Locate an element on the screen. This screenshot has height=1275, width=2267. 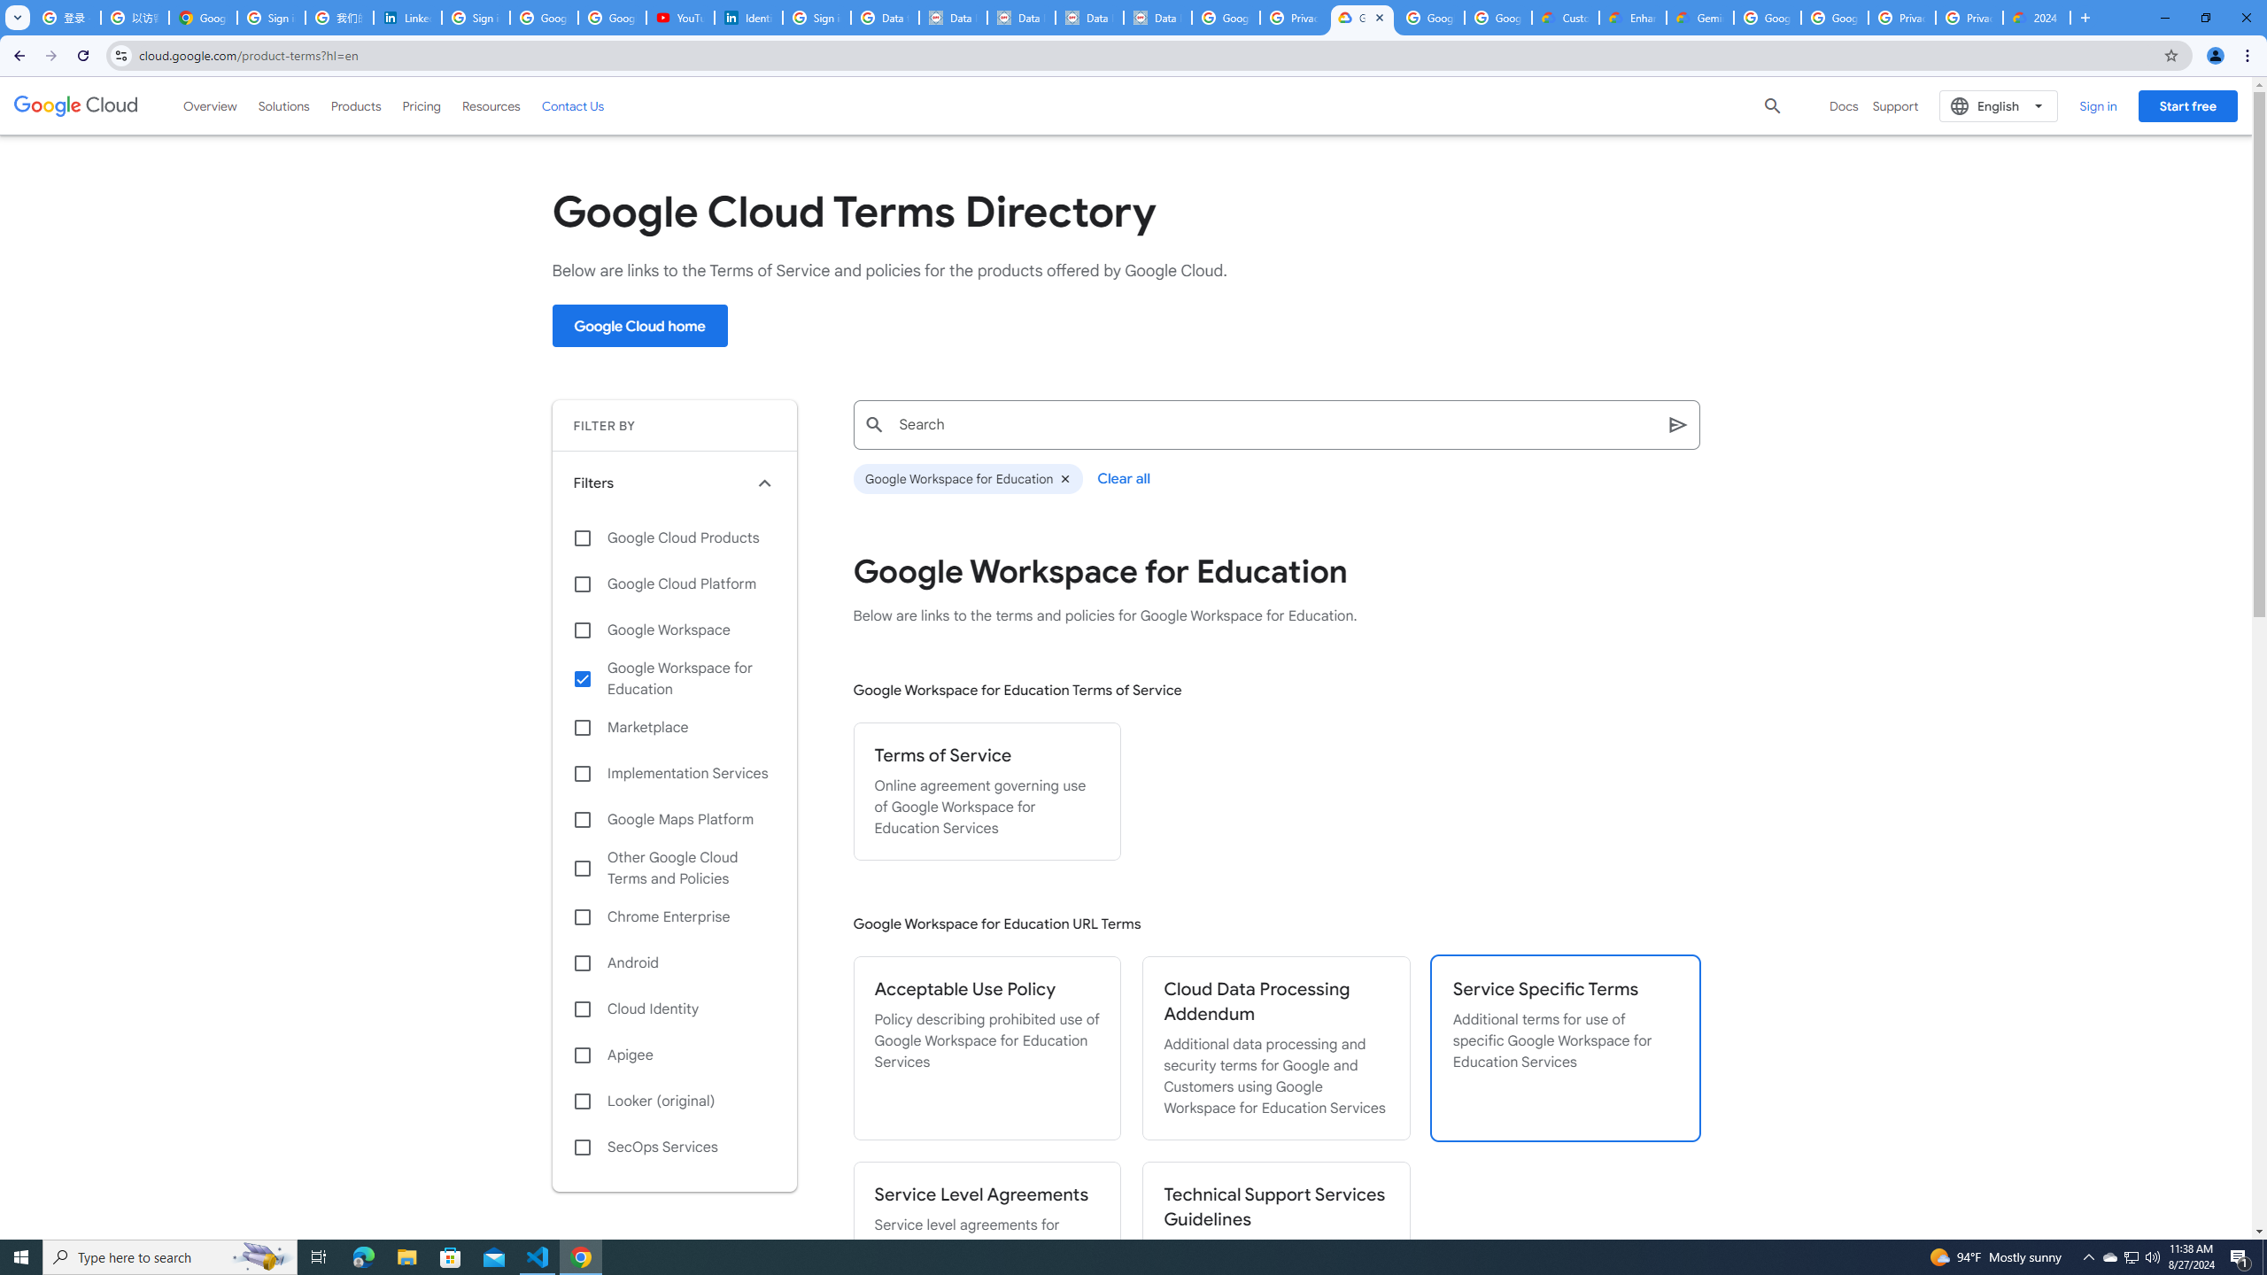
'Solutions' is located at coordinates (282, 104).